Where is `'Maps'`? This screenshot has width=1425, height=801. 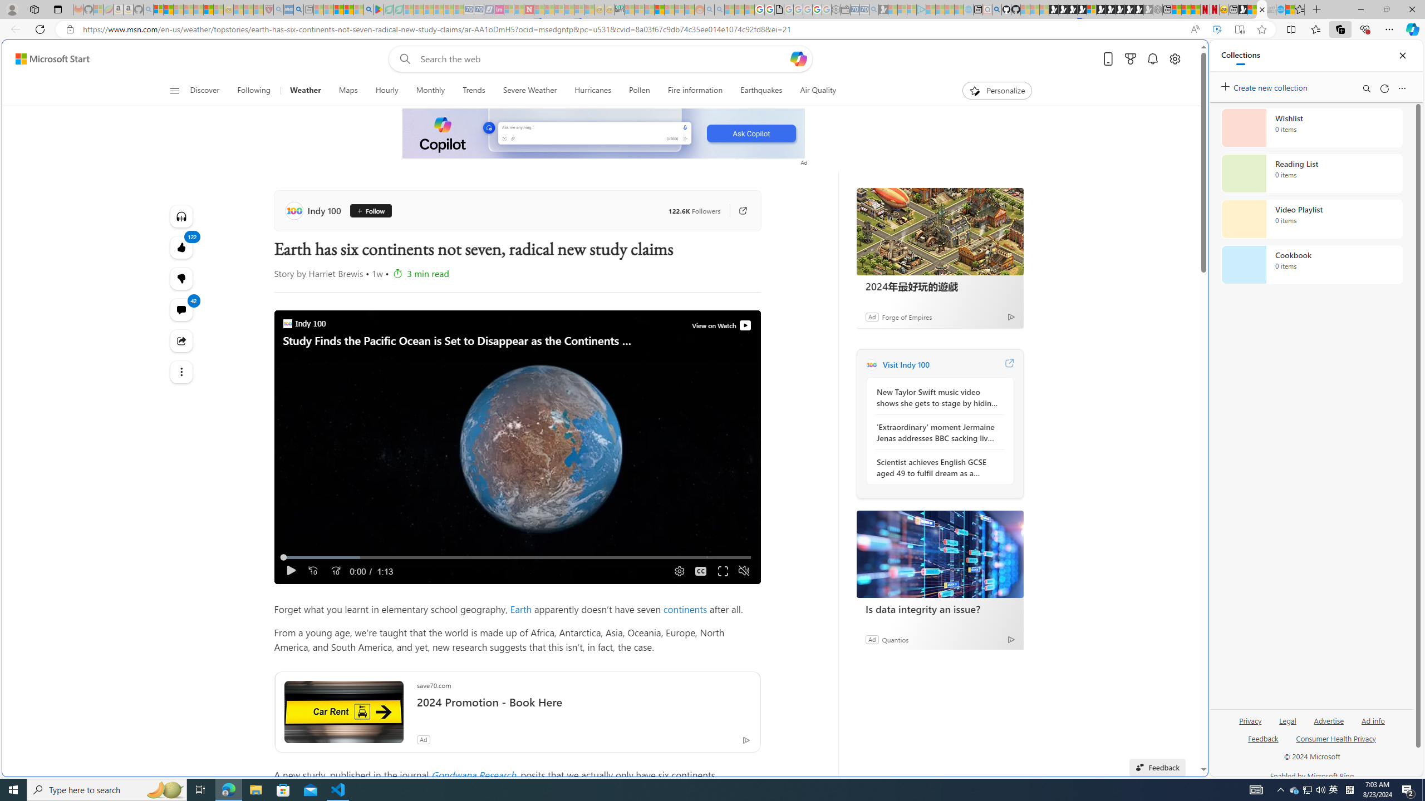
'Maps' is located at coordinates (347, 90).